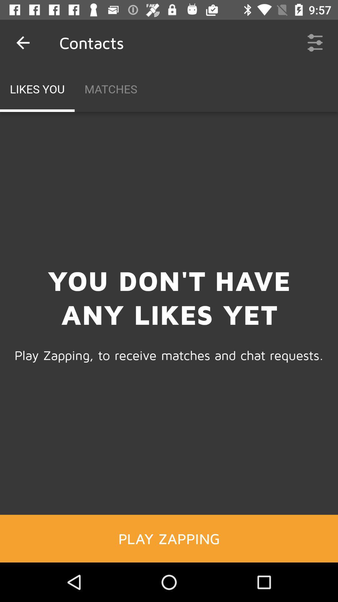 The image size is (338, 602). What do you see at coordinates (23, 42) in the screenshot?
I see `icon next to contacts item` at bounding box center [23, 42].